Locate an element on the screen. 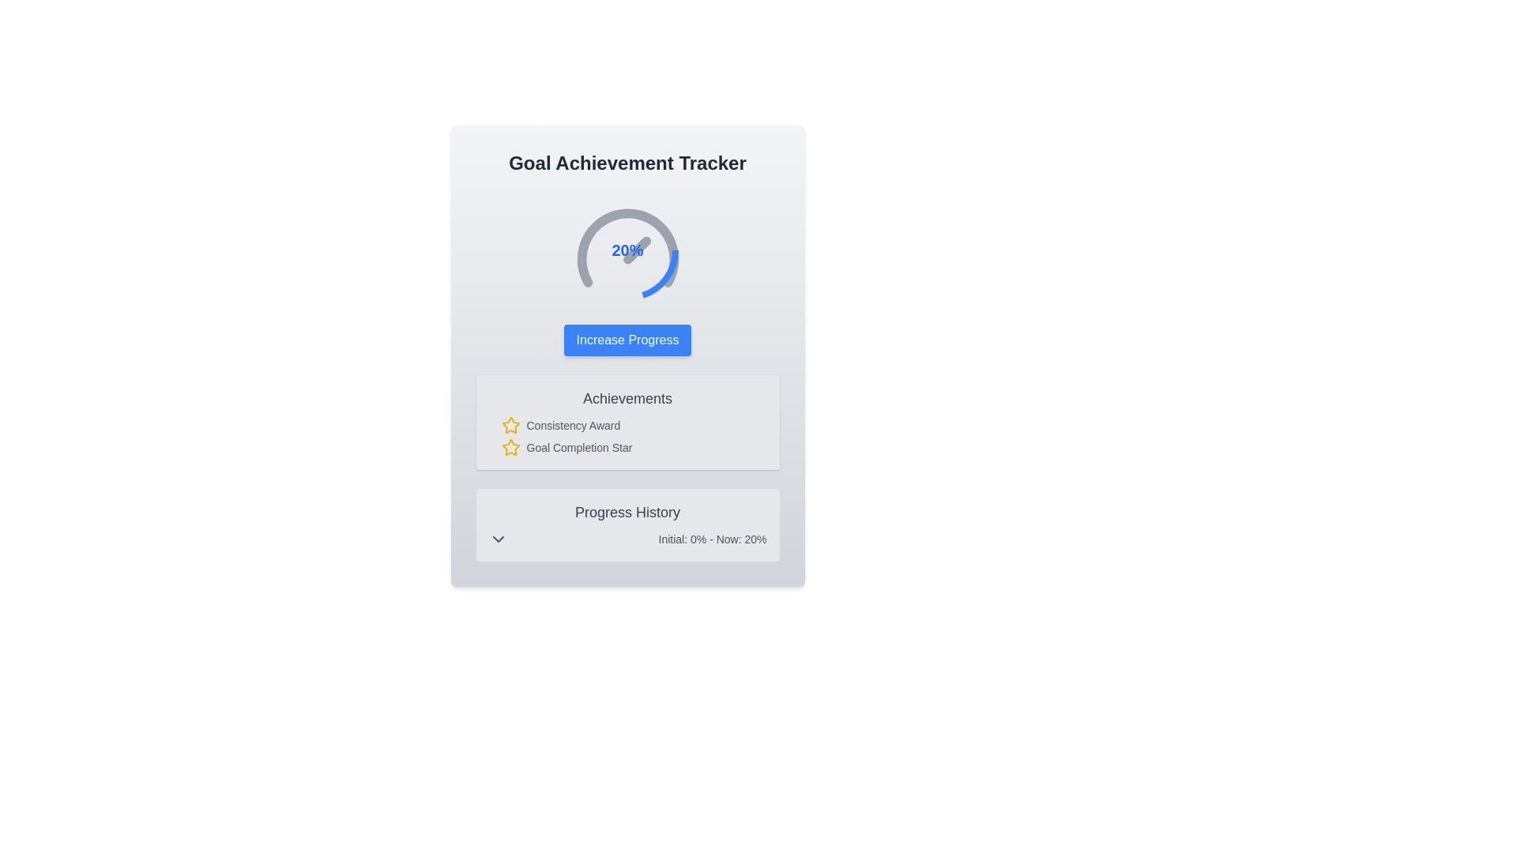 The height and width of the screenshot is (853, 1517). the chevron icon located in the 'Progress History' panel is located at coordinates (497, 538).